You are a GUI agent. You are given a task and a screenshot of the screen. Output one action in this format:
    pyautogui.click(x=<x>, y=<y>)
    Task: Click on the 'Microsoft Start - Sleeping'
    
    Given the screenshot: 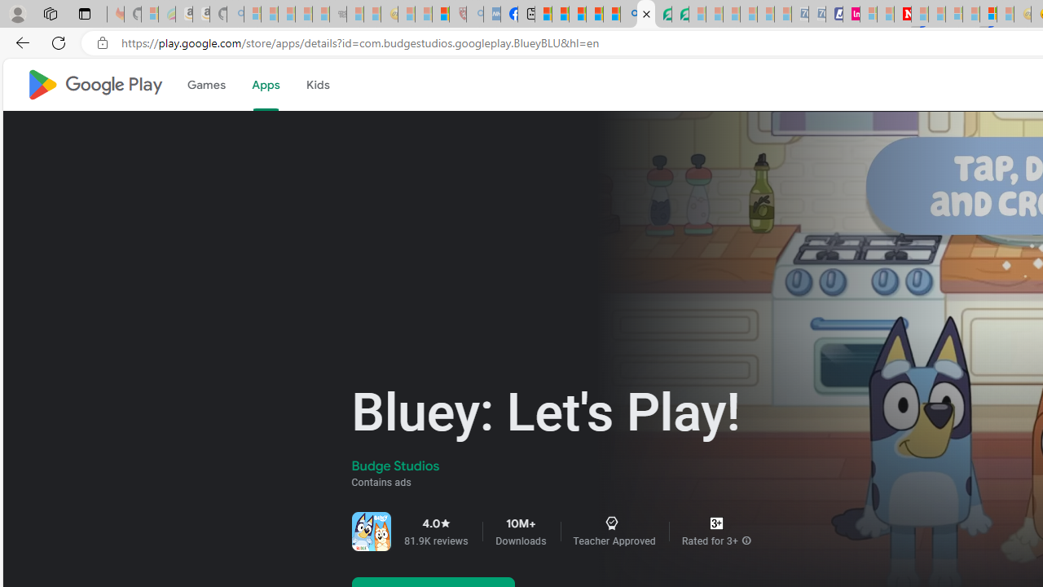 What is the action you would take?
    pyautogui.click(x=884, y=14)
    